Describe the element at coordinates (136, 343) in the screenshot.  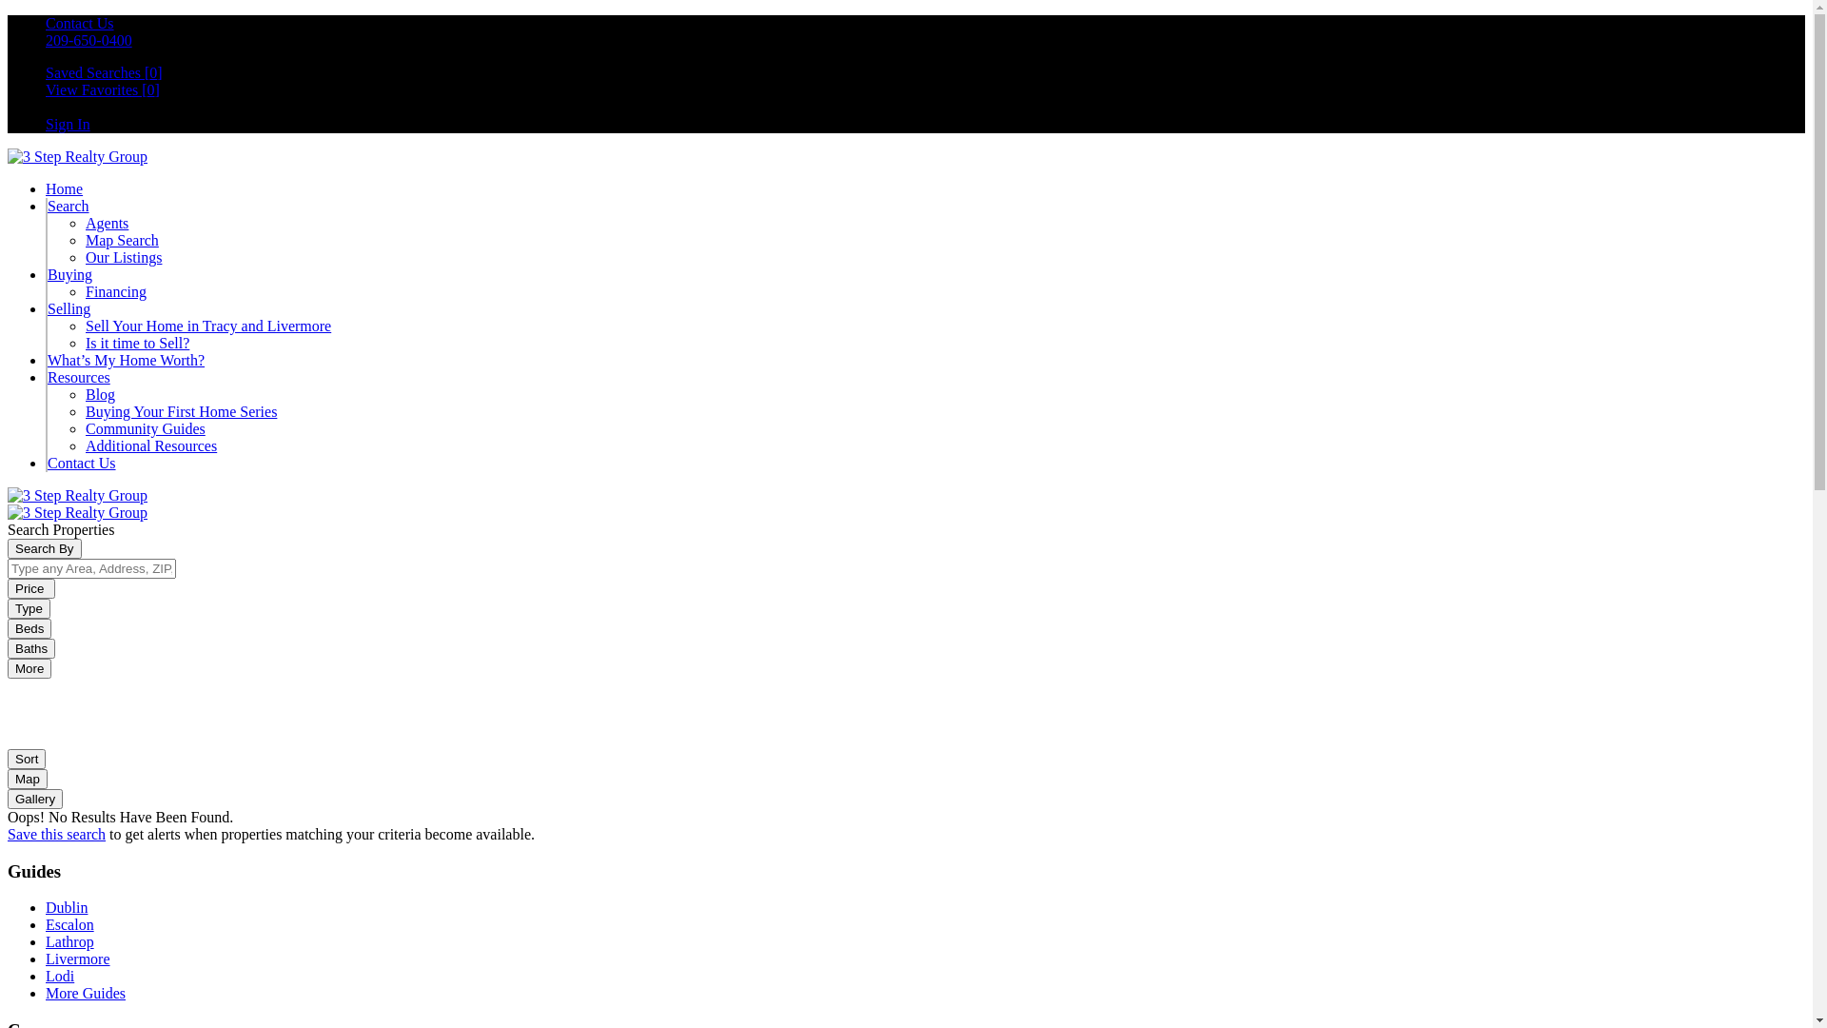
I see `'Is it time to Sell?'` at that location.